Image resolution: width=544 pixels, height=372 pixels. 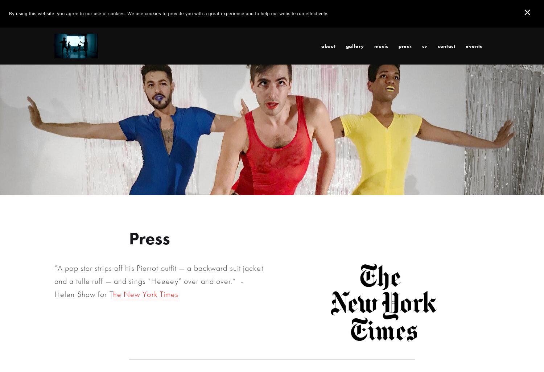 What do you see at coordinates (354, 45) in the screenshot?
I see `'Gallery'` at bounding box center [354, 45].